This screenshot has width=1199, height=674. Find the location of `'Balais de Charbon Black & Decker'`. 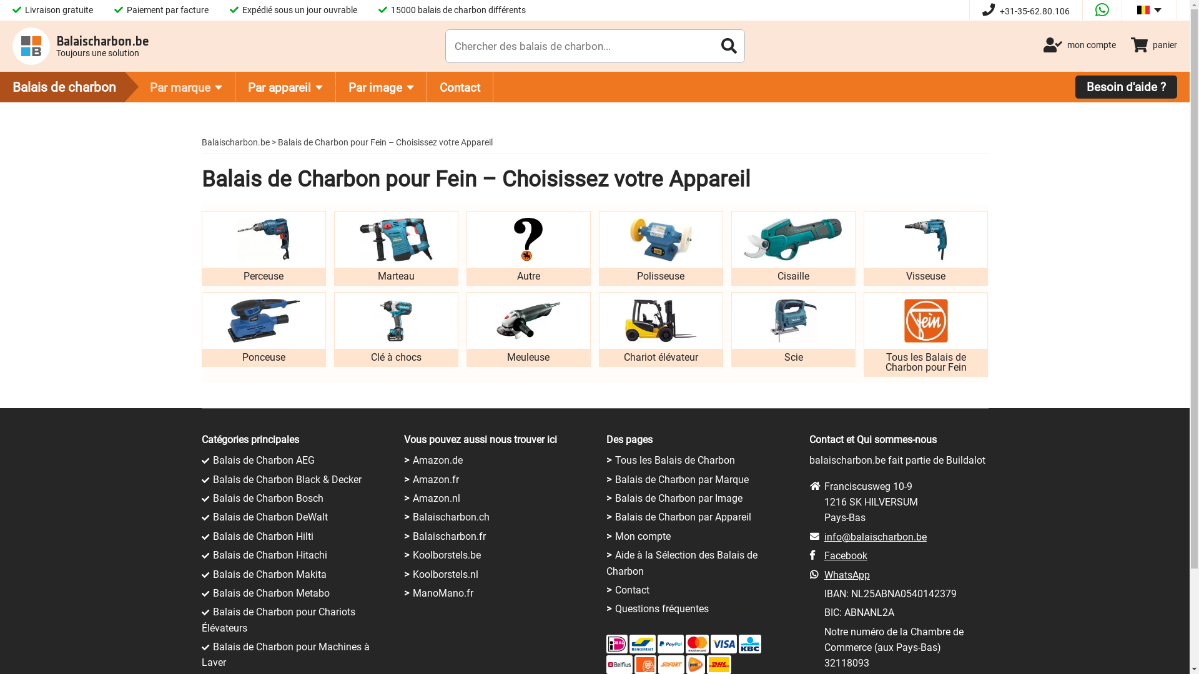

'Balais de Charbon Black & Decker' is located at coordinates (286, 479).